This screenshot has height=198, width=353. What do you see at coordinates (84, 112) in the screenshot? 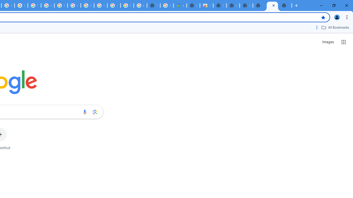
I see `'Search by voice'` at bounding box center [84, 112].